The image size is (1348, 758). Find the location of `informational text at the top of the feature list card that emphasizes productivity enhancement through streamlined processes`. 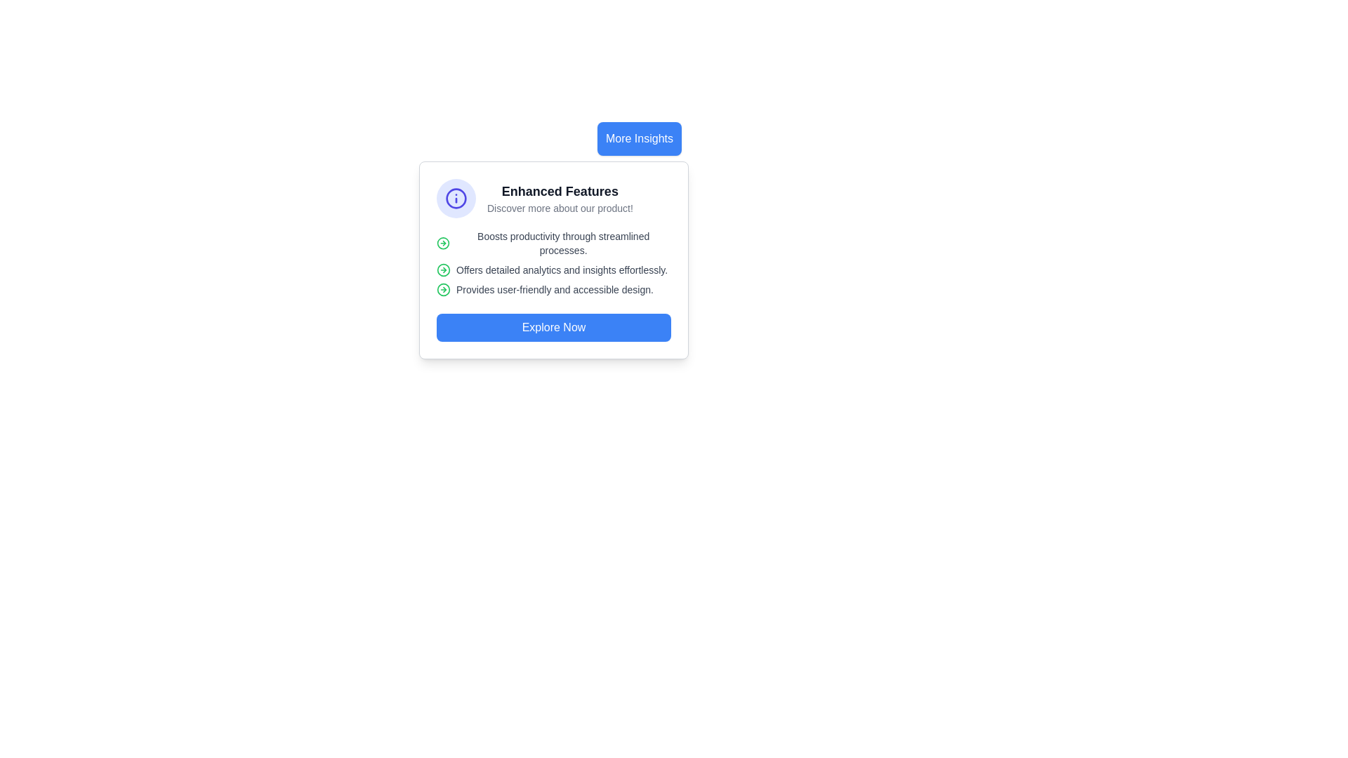

informational text at the top of the feature list card that emphasizes productivity enhancement through streamlined processes is located at coordinates (553, 243).